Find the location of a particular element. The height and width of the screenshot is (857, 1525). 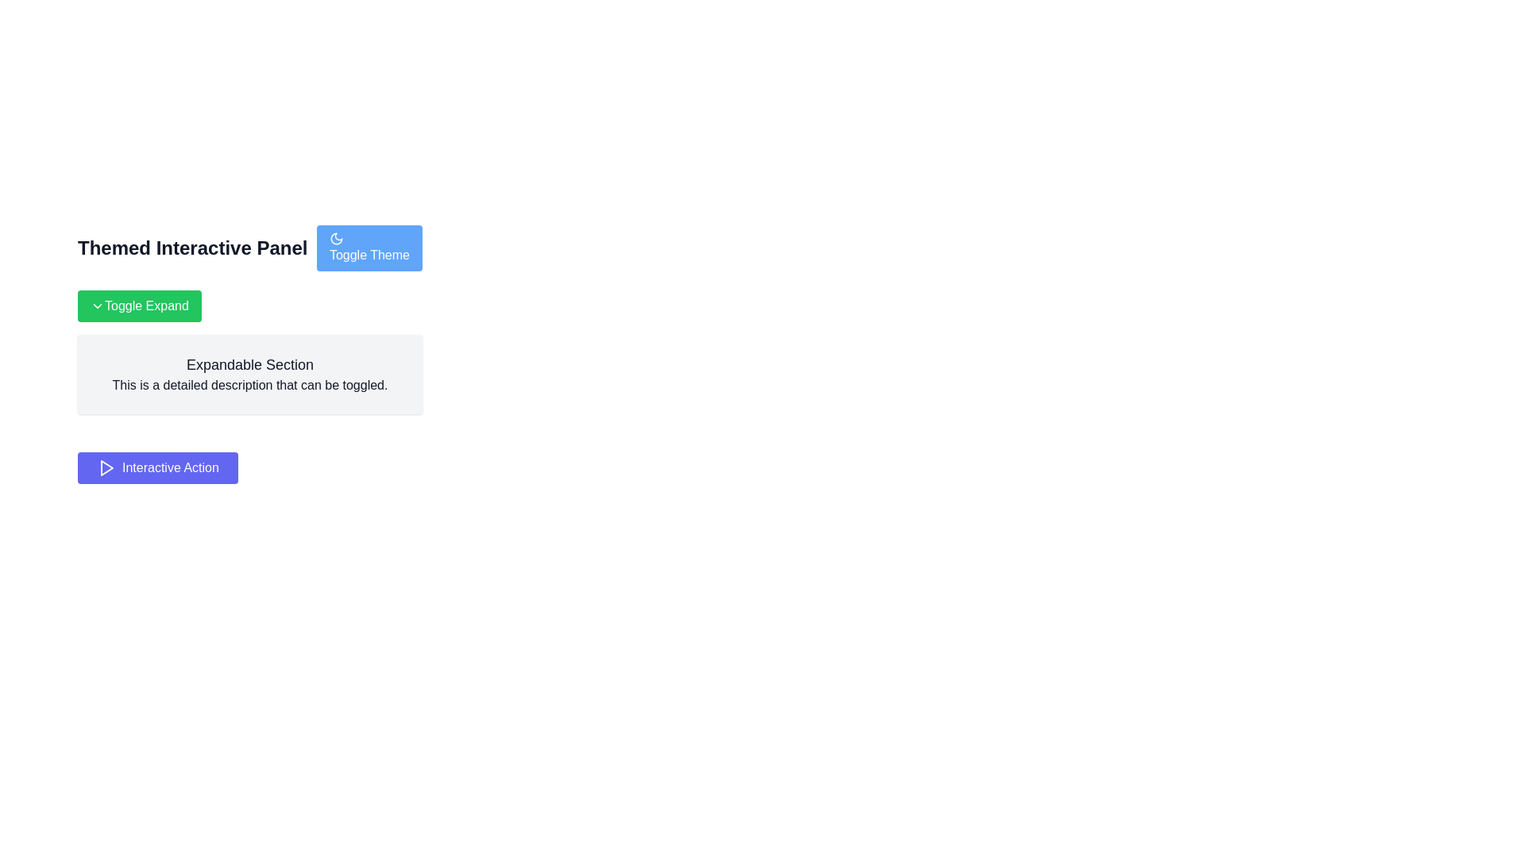

the moon icon within the 'Toggle Theme' button located at the upper-right part of the interface, which indicates the night or dark mode feature is located at coordinates (335, 238).